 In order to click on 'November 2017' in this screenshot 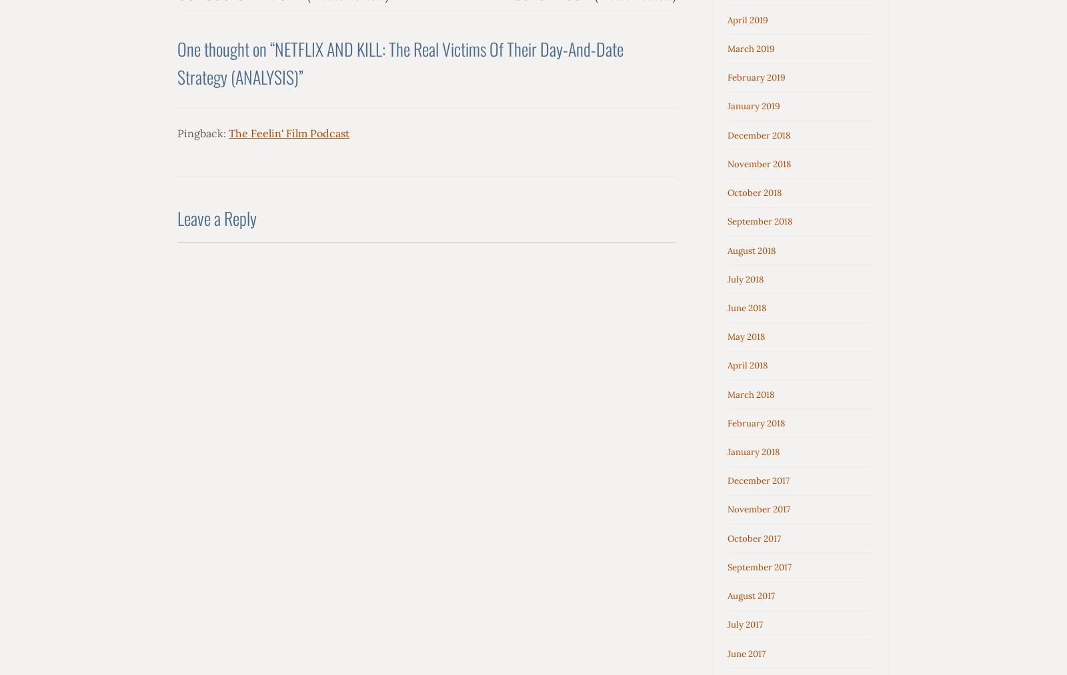, I will do `click(758, 509)`.